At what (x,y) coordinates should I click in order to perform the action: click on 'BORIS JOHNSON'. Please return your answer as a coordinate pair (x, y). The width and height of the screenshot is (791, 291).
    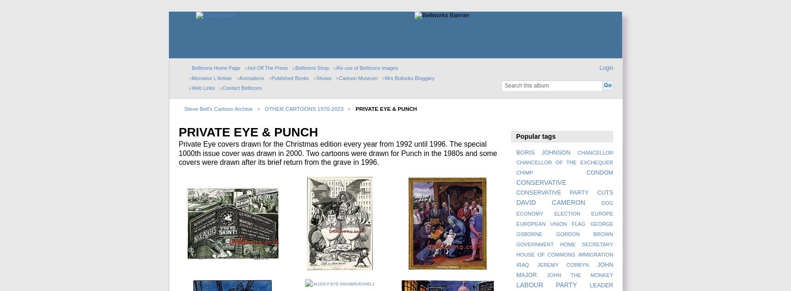
    Looking at the image, I should click on (543, 153).